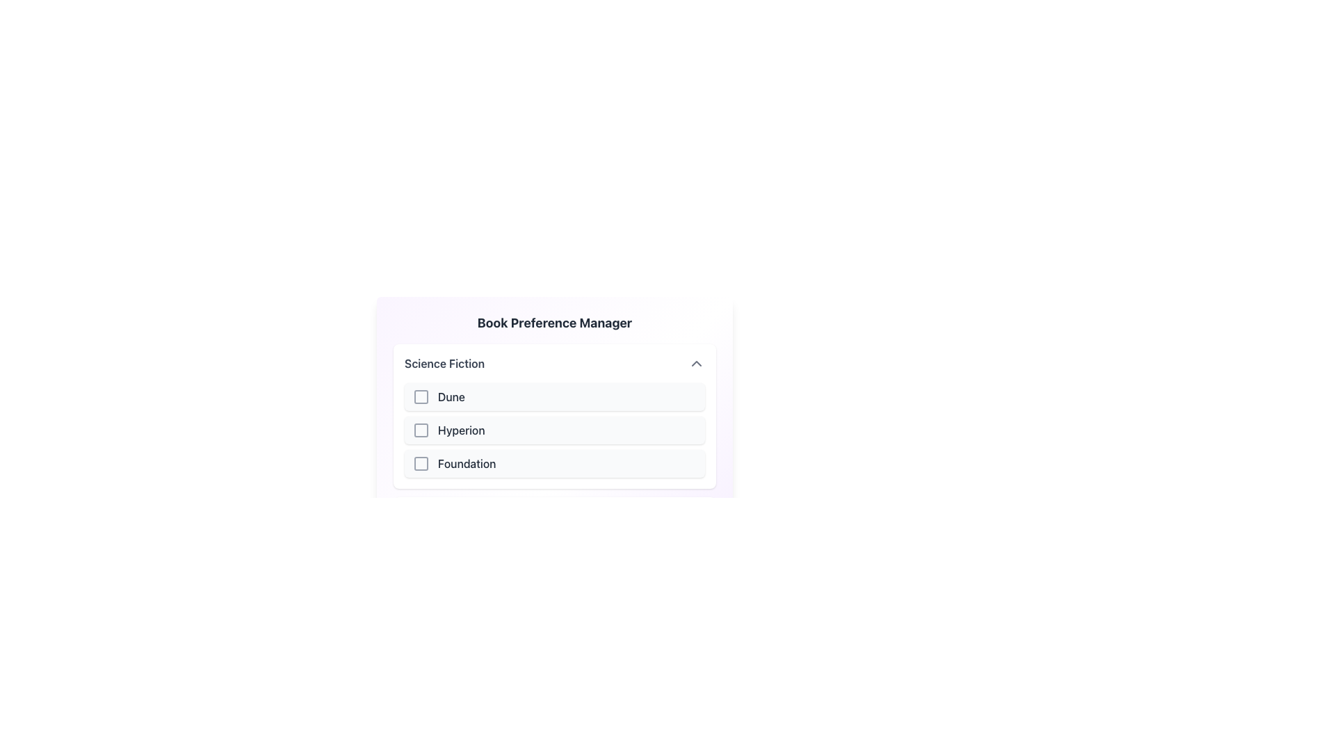  What do you see at coordinates (420, 396) in the screenshot?
I see `the checkbox selector for the 'Dune' list item under the 'Science Fiction' header to enable keyboard interactions` at bounding box center [420, 396].